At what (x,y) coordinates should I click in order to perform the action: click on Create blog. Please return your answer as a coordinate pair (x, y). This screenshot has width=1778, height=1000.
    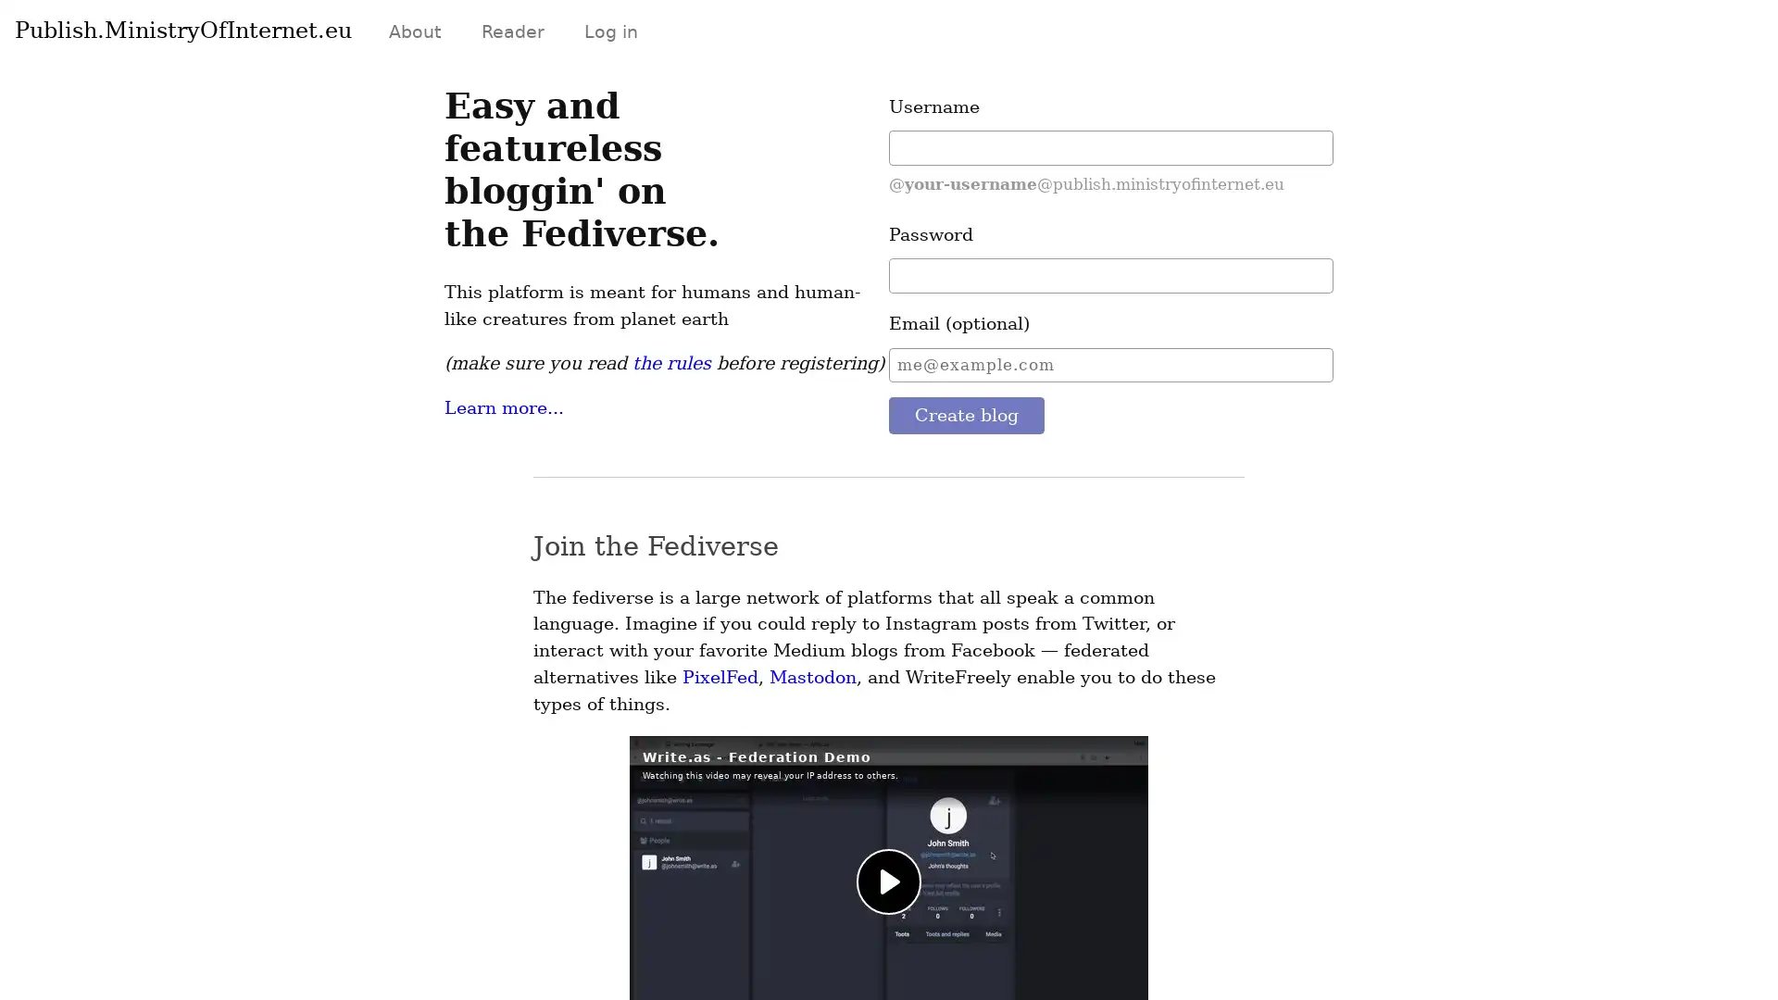
    Looking at the image, I should click on (966, 417).